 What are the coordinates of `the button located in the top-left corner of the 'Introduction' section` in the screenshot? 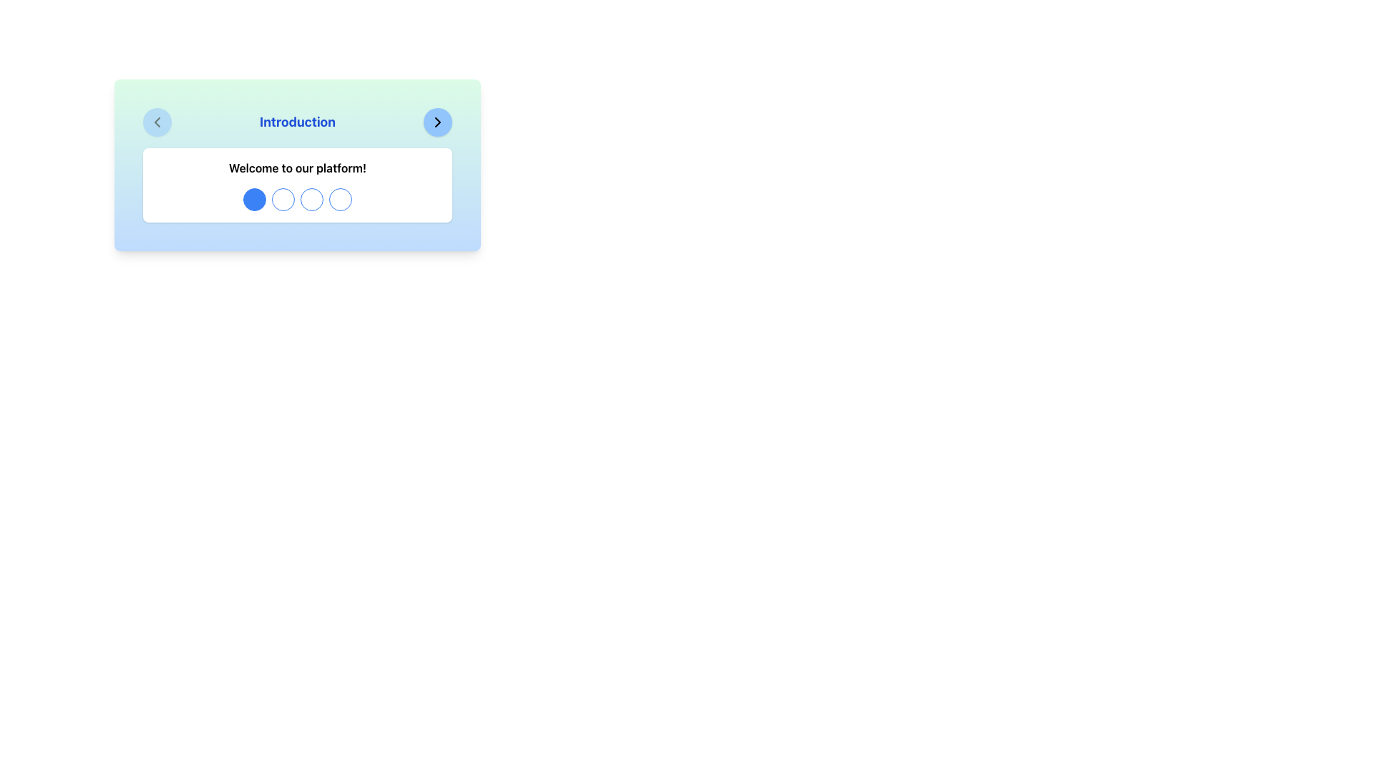 It's located at (157, 121).